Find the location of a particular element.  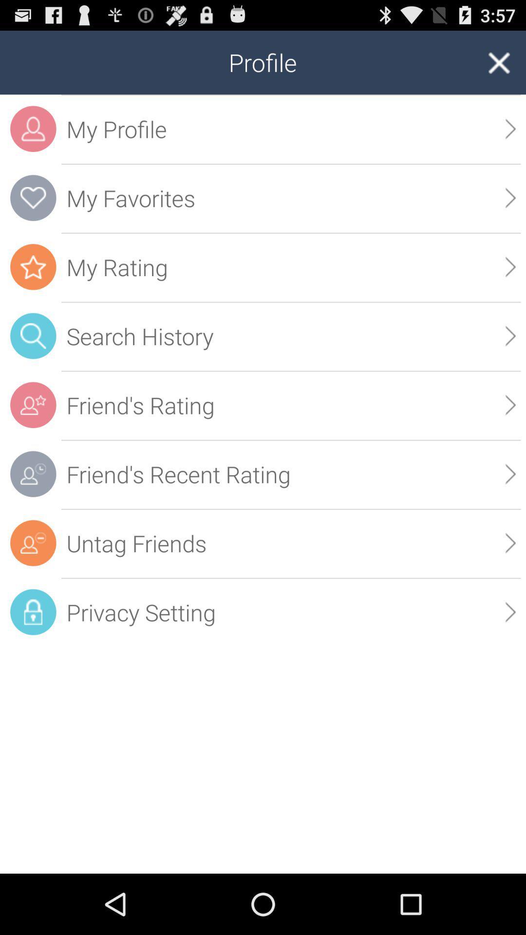

the icon below friend s recent app is located at coordinates (510, 542).